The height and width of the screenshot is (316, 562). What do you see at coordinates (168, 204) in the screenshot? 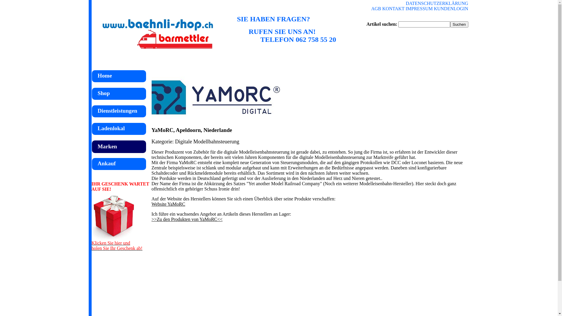
I see `'Website YaMoRC'` at bounding box center [168, 204].